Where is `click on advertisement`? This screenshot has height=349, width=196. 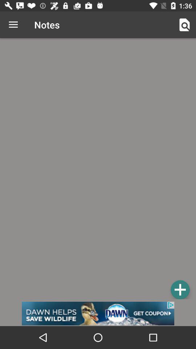 click on advertisement is located at coordinates (98, 313).